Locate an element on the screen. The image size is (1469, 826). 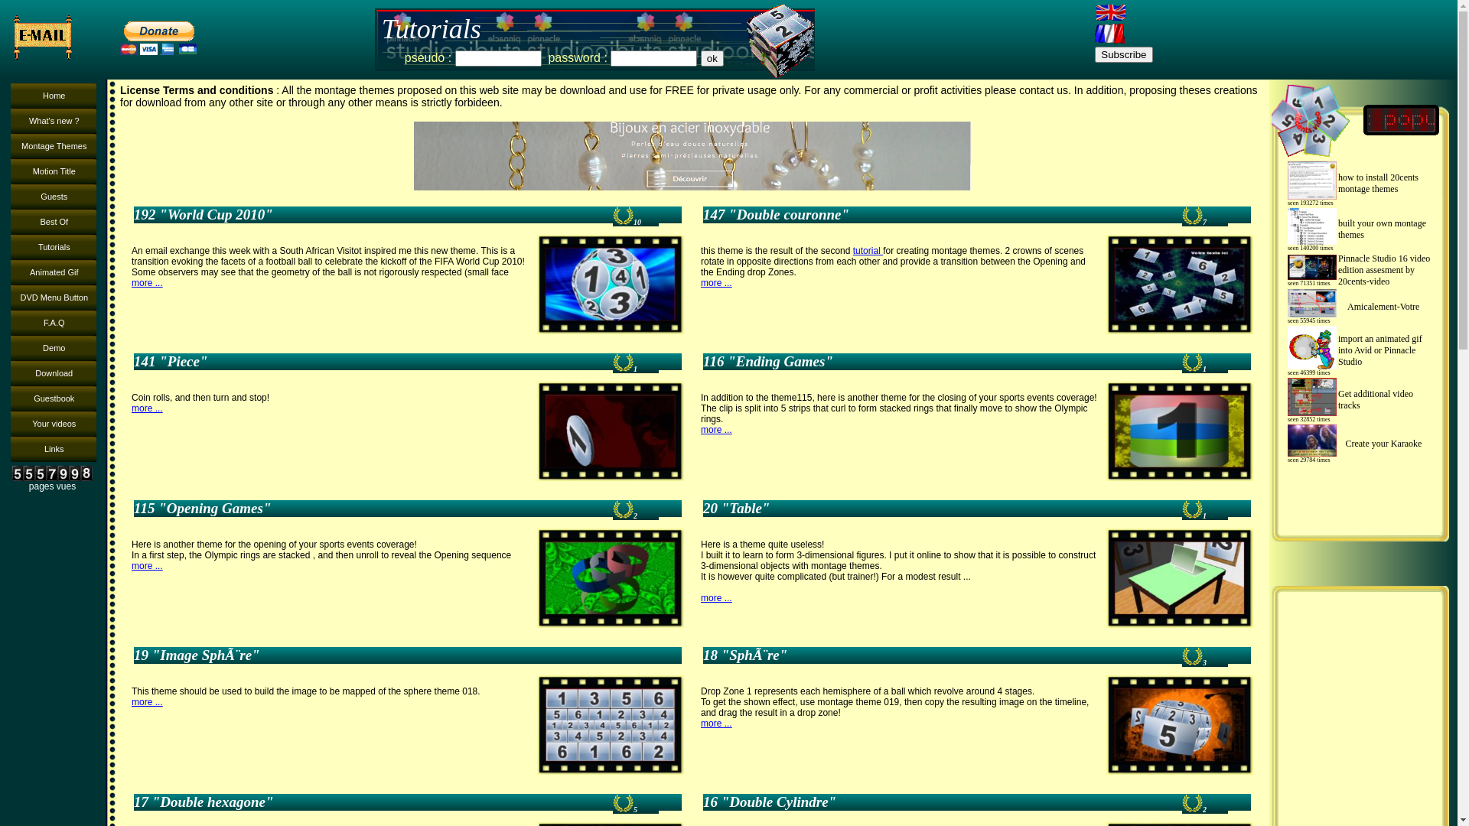
'seen 140200 times built your own montage themes' is located at coordinates (1360, 229).